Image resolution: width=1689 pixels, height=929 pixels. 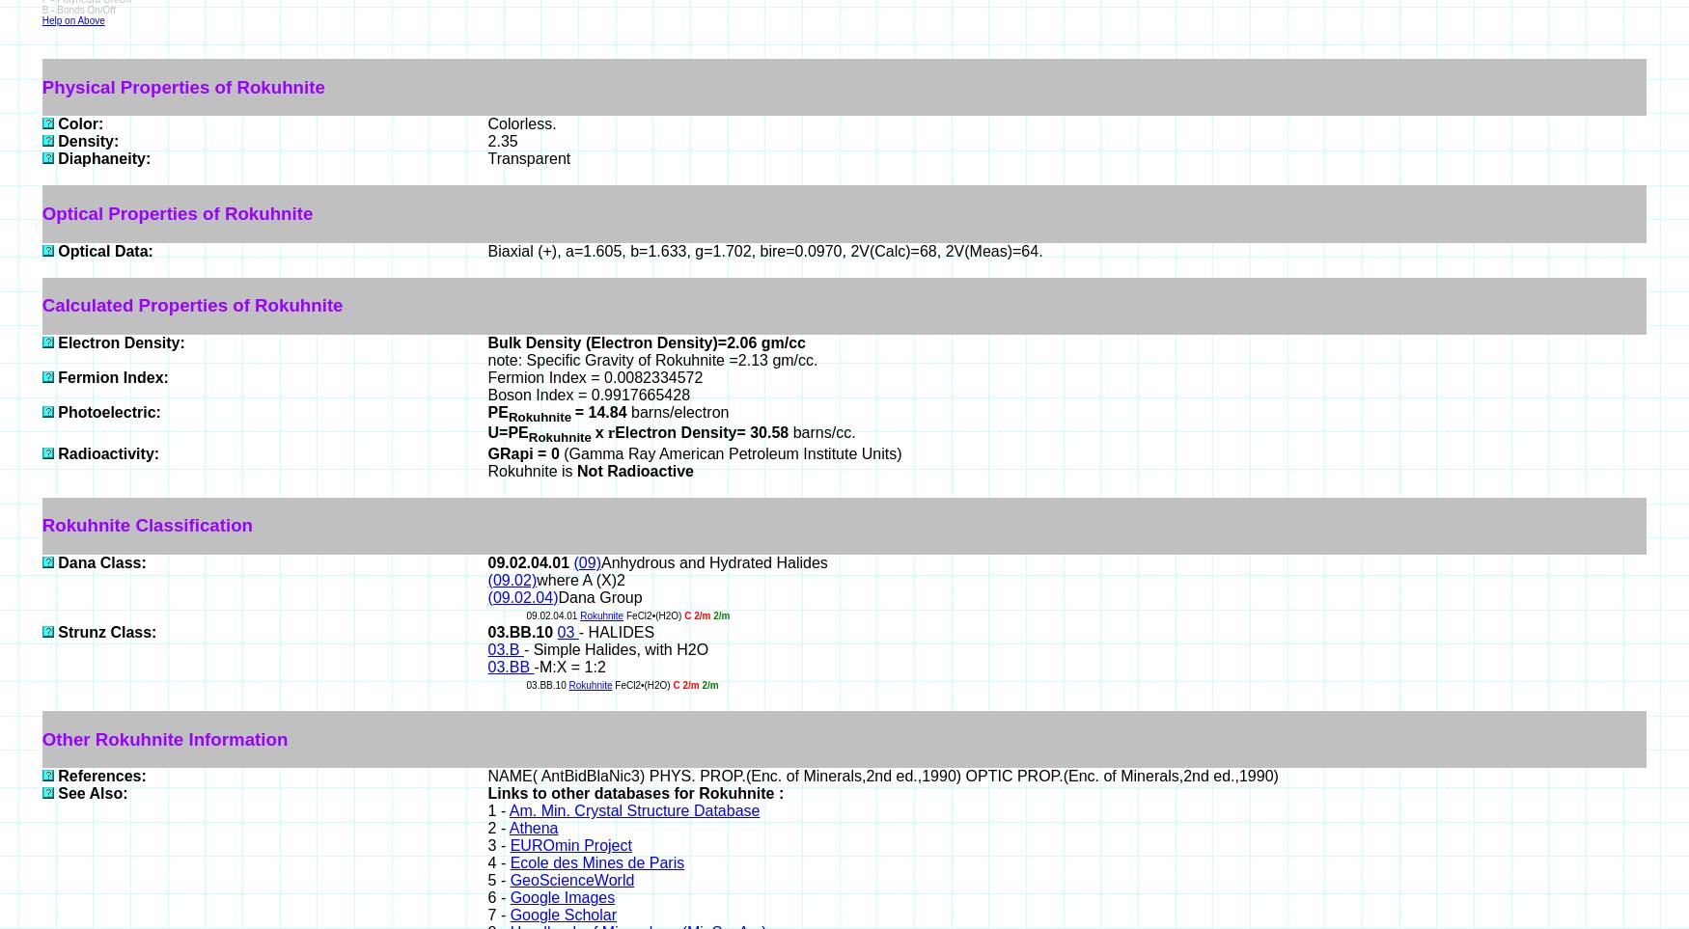 What do you see at coordinates (501, 141) in the screenshot?
I see `'2.35'` at bounding box center [501, 141].